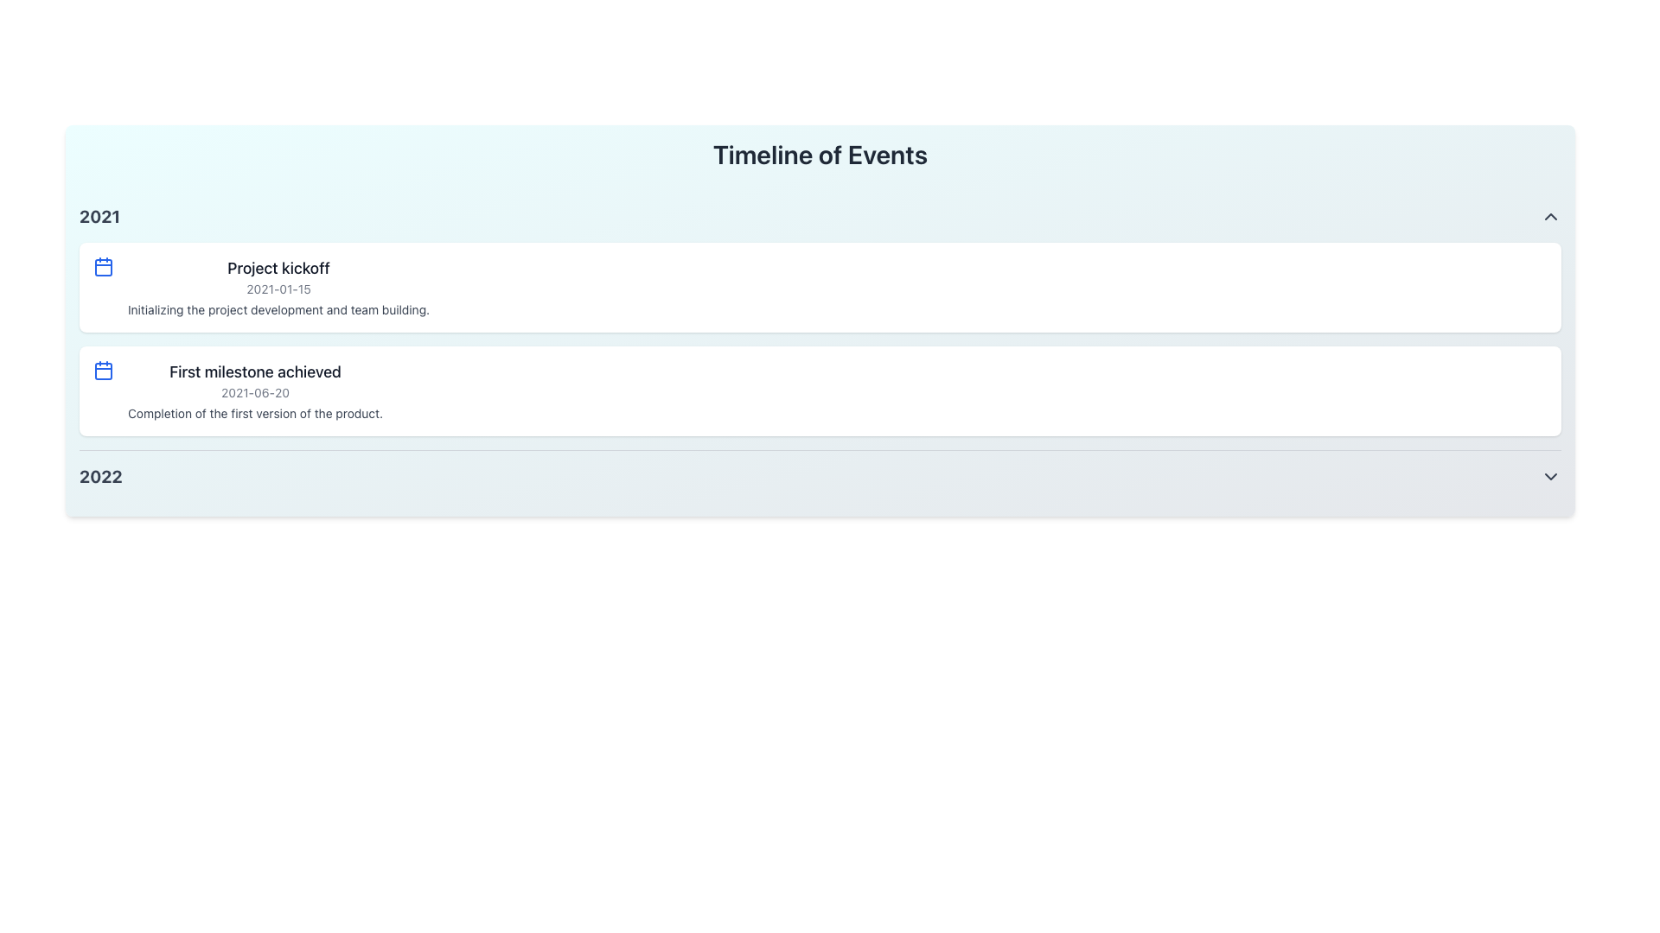 The width and height of the screenshot is (1660, 933). I want to click on the second milestone list item in the 'Timeline of Events' for 2021, so click(254, 390).